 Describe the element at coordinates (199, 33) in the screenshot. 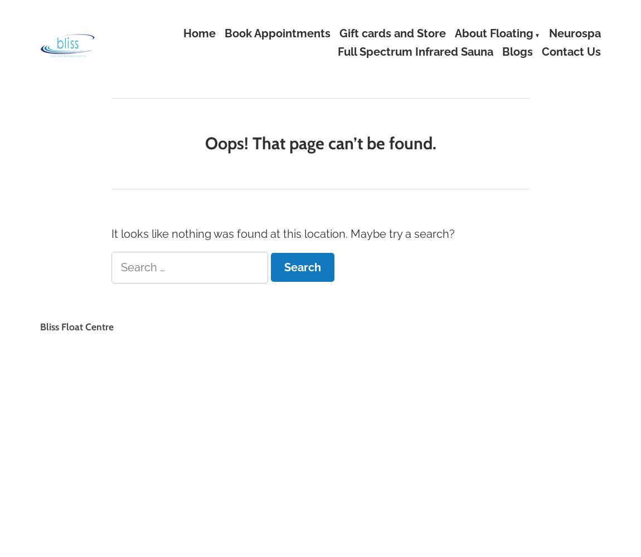

I see `'Home'` at that location.